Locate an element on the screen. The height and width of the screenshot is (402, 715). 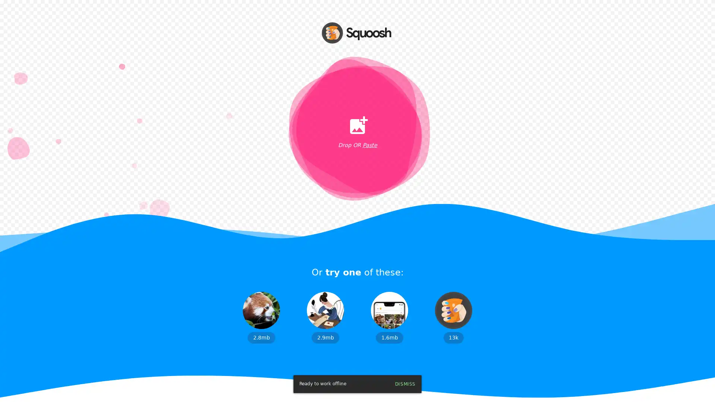
Large photo 2.8mb is located at coordinates (261, 317).